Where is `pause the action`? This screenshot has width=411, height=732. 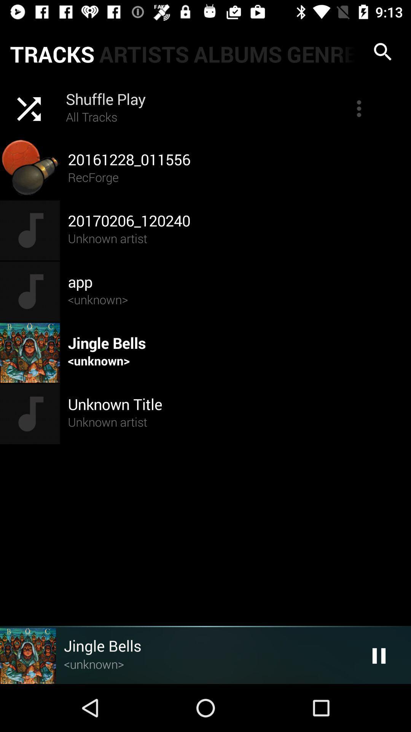
pause the action is located at coordinates (379, 655).